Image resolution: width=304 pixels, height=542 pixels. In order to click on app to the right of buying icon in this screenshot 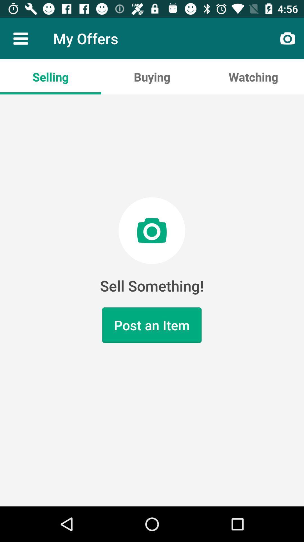, I will do `click(253, 77)`.